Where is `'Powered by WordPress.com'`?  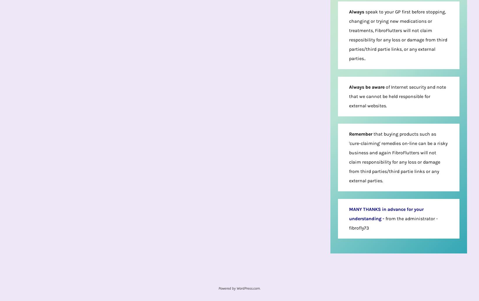
'Powered by WordPress.com' is located at coordinates (239, 288).